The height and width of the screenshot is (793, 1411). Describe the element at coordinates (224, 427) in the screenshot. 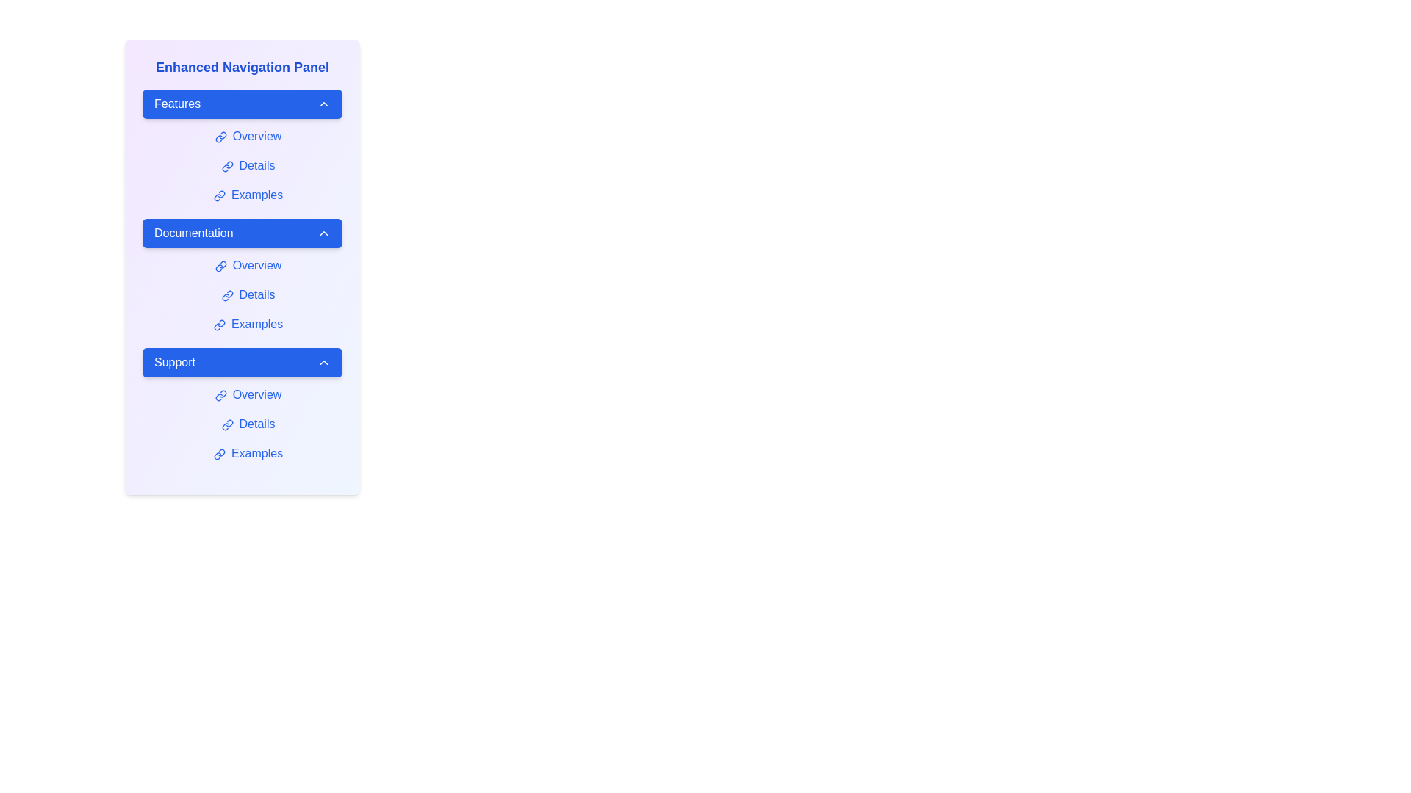

I see `the chain link shaped icon located below the 'Details' text in the 'Support' section of the interface` at that location.